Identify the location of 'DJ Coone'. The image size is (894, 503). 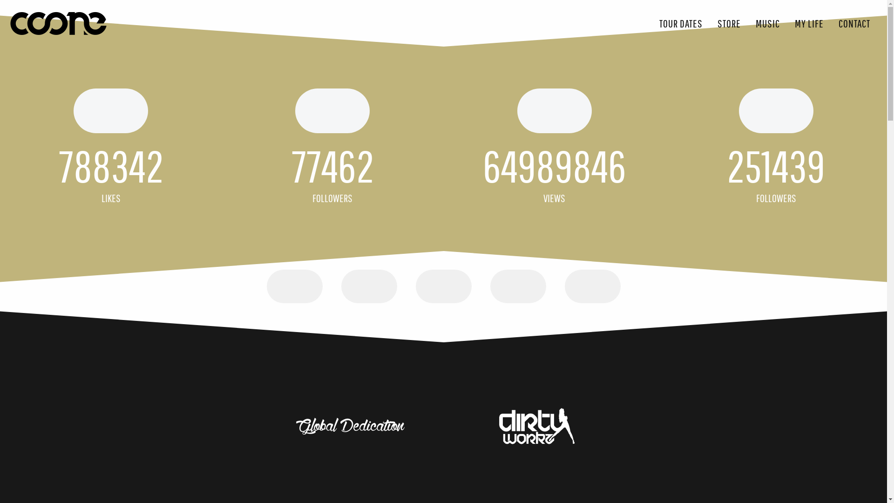
(57, 23).